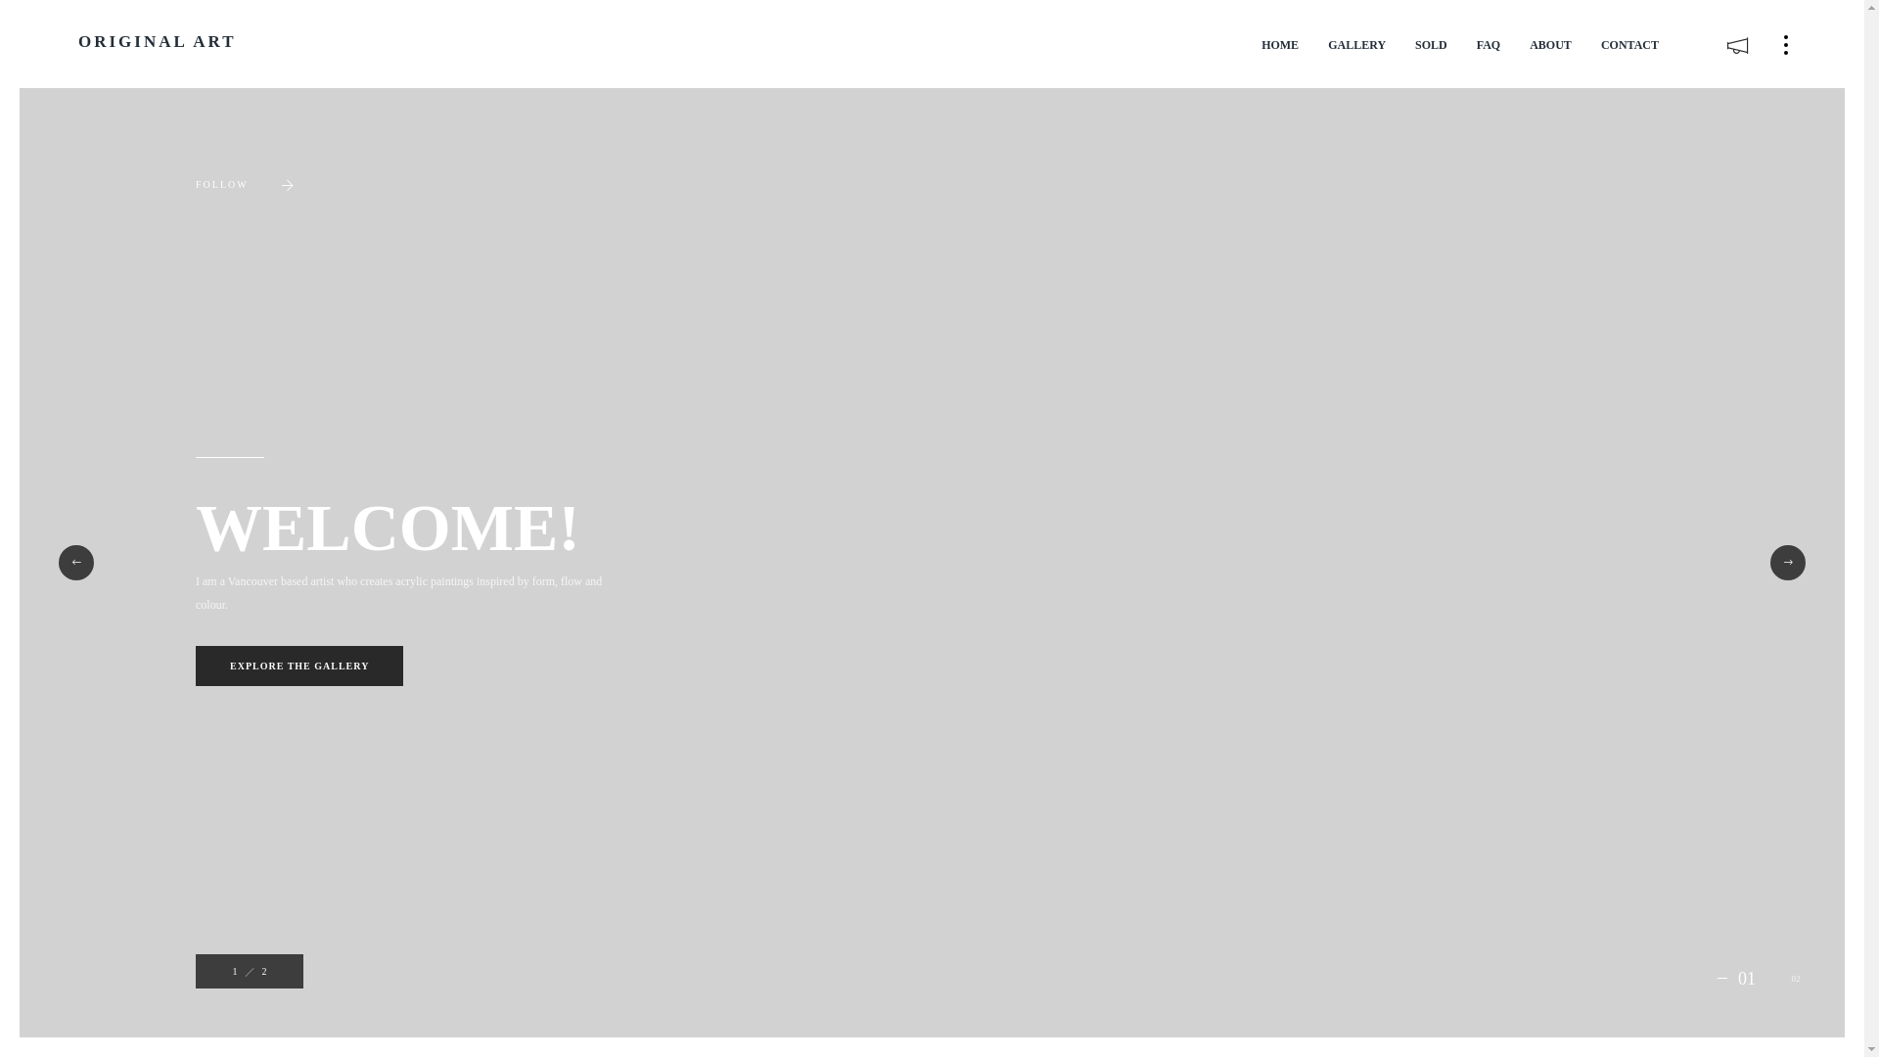  What do you see at coordinates (298, 665) in the screenshot?
I see `'EXPLORE THE GALLERY'` at bounding box center [298, 665].